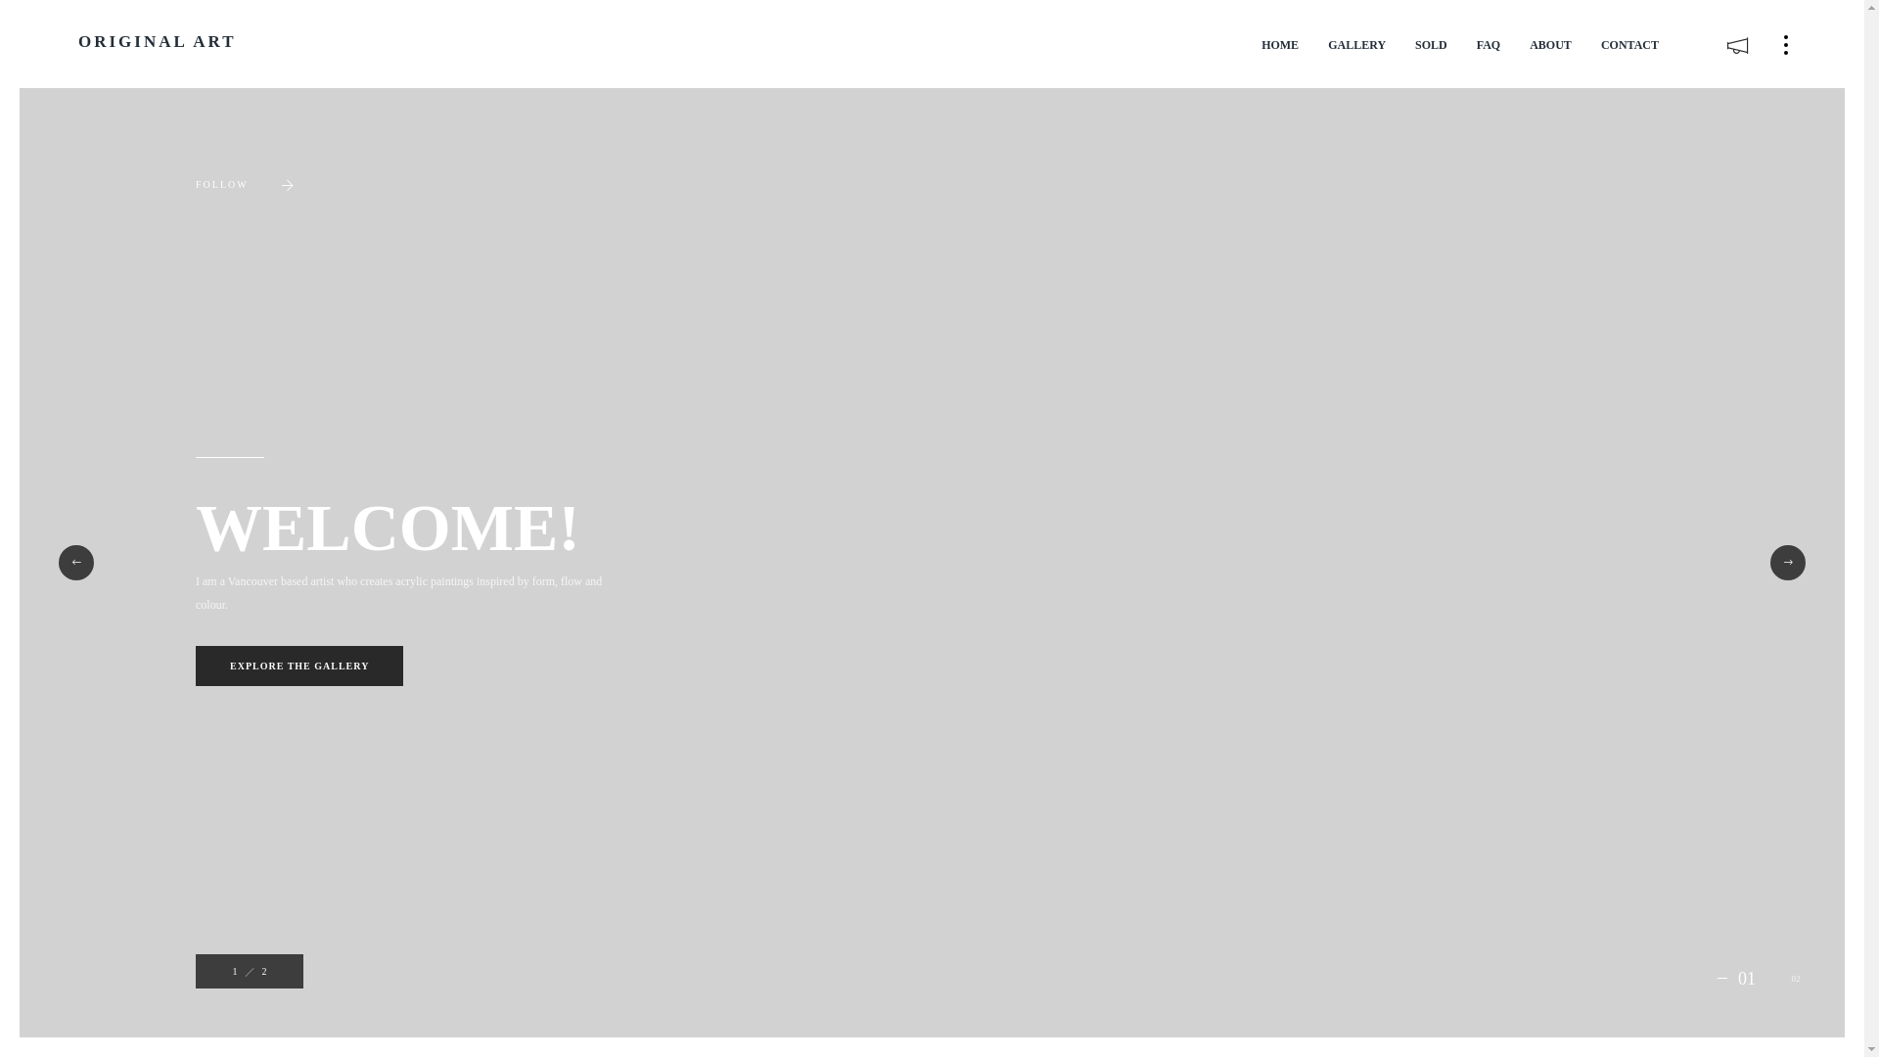  What do you see at coordinates (298, 665) in the screenshot?
I see `'EXPLORE THE GALLERY'` at bounding box center [298, 665].